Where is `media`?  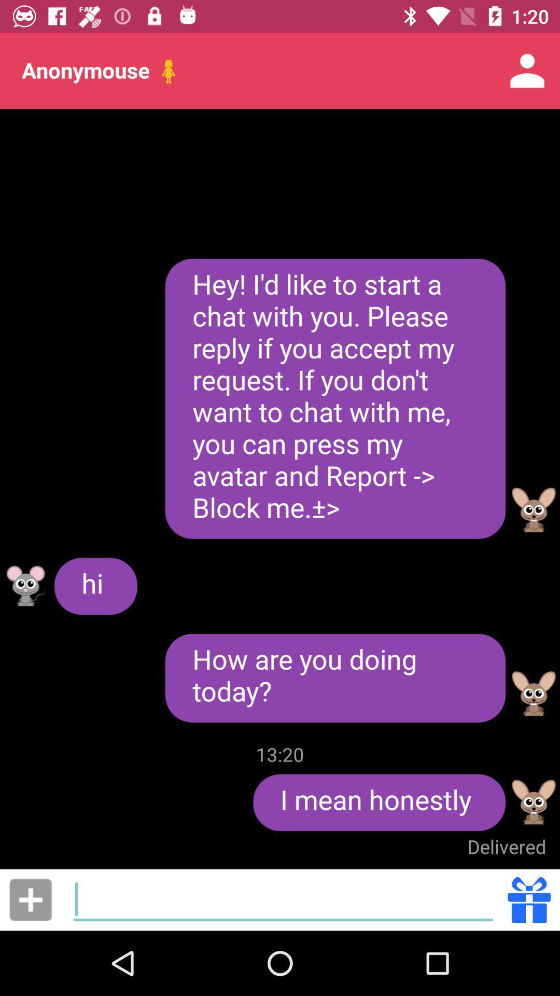
media is located at coordinates (30, 899).